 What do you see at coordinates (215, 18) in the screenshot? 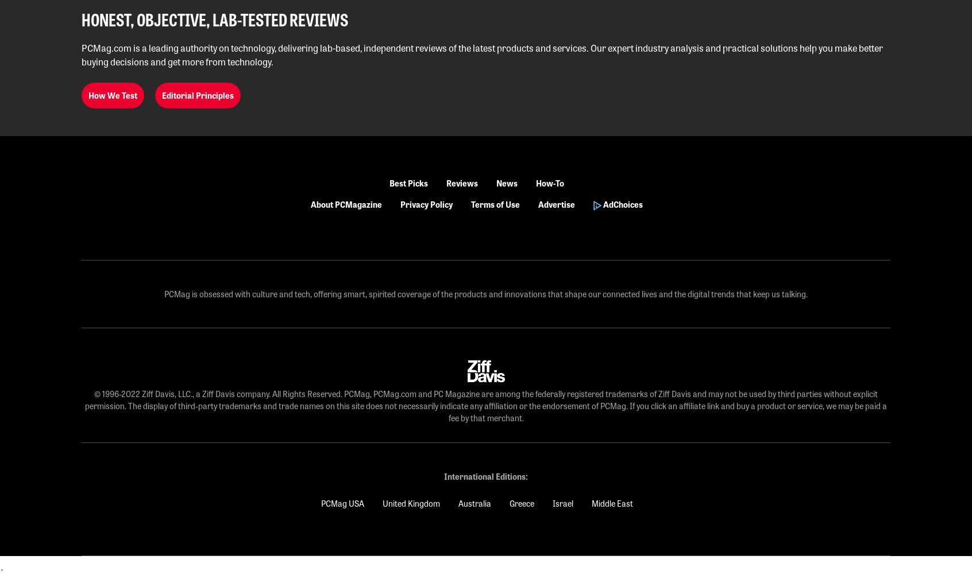
I see `'Honest, Objective, Lab-Tested Reviews'` at bounding box center [215, 18].